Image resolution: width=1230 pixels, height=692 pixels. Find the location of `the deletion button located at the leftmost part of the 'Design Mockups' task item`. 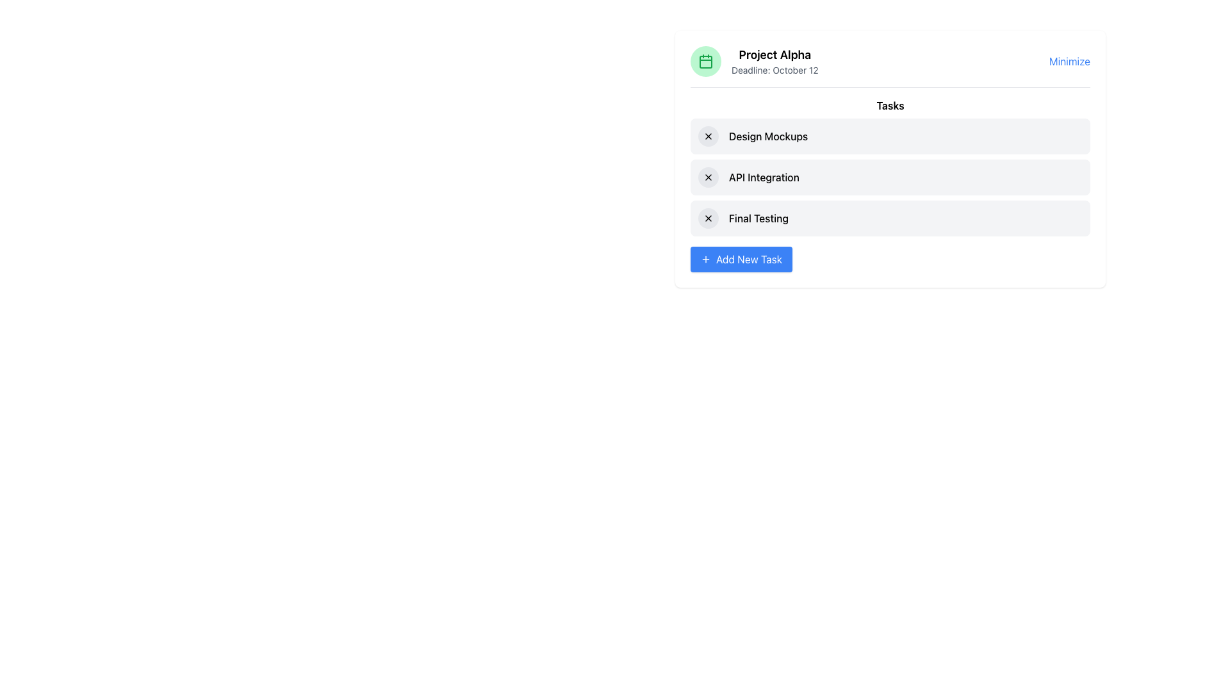

the deletion button located at the leftmost part of the 'Design Mockups' task item is located at coordinates (707, 136).